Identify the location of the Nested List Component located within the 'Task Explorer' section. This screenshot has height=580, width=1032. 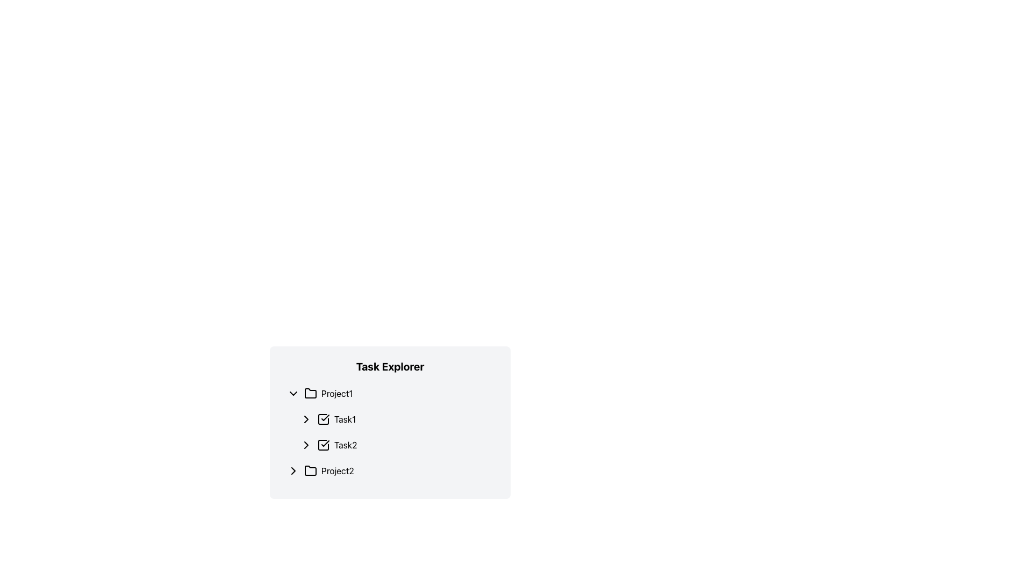
(389, 432).